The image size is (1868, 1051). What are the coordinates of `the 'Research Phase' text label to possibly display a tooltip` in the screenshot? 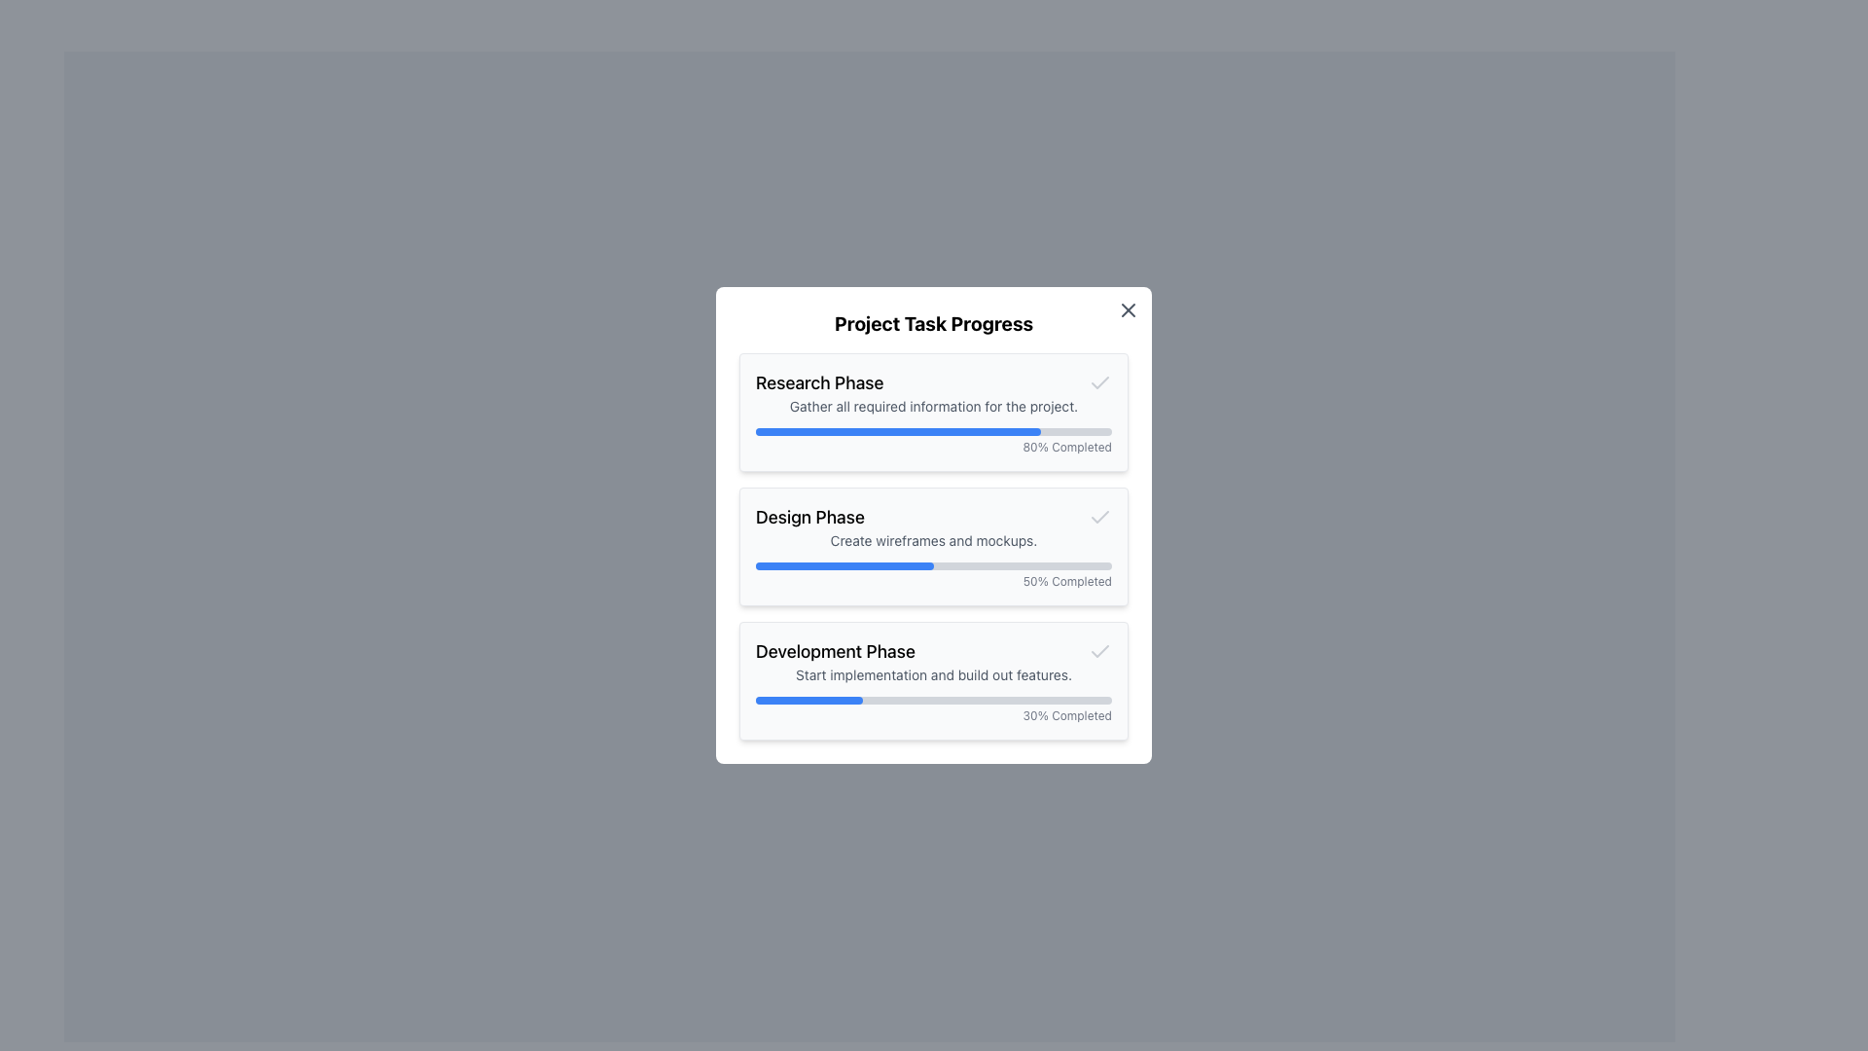 It's located at (819, 382).